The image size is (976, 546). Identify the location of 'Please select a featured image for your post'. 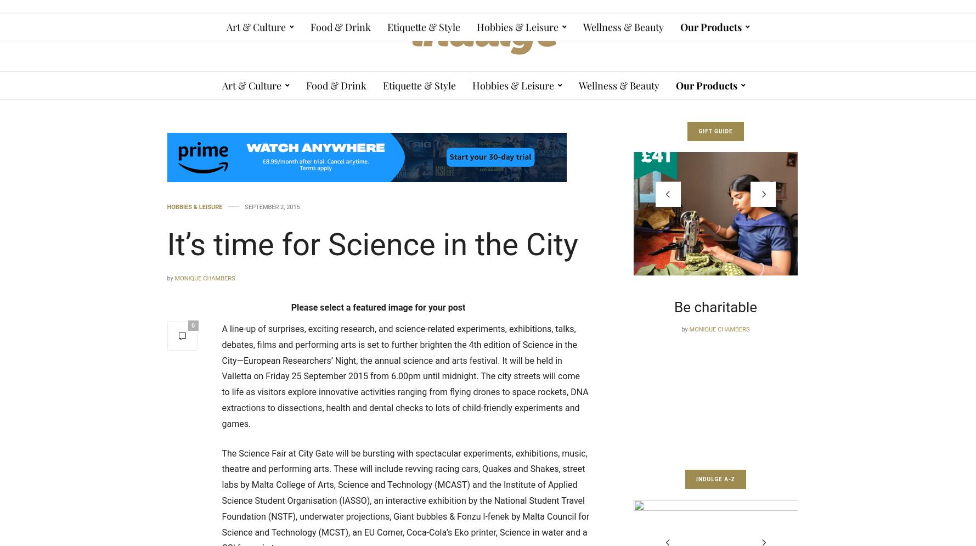
(378, 307).